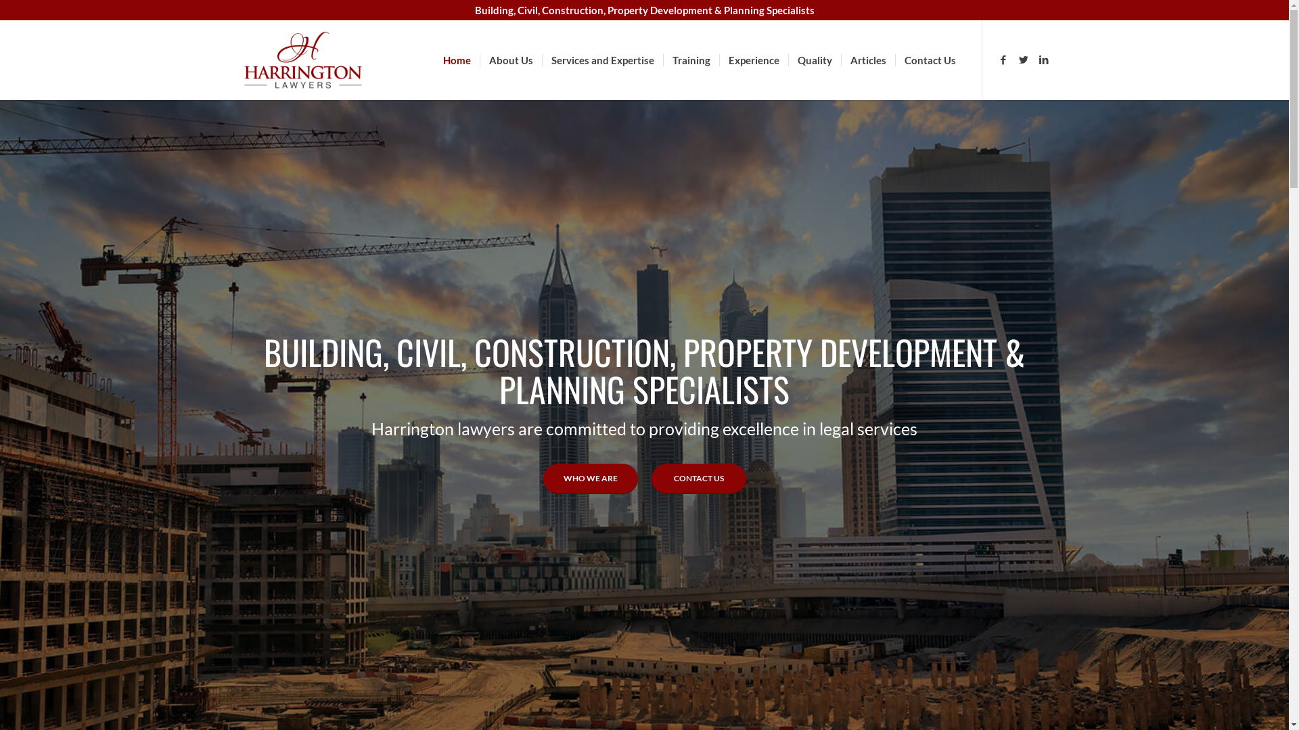 Image resolution: width=1299 pixels, height=730 pixels. I want to click on 'LinkedIn', so click(1043, 59).